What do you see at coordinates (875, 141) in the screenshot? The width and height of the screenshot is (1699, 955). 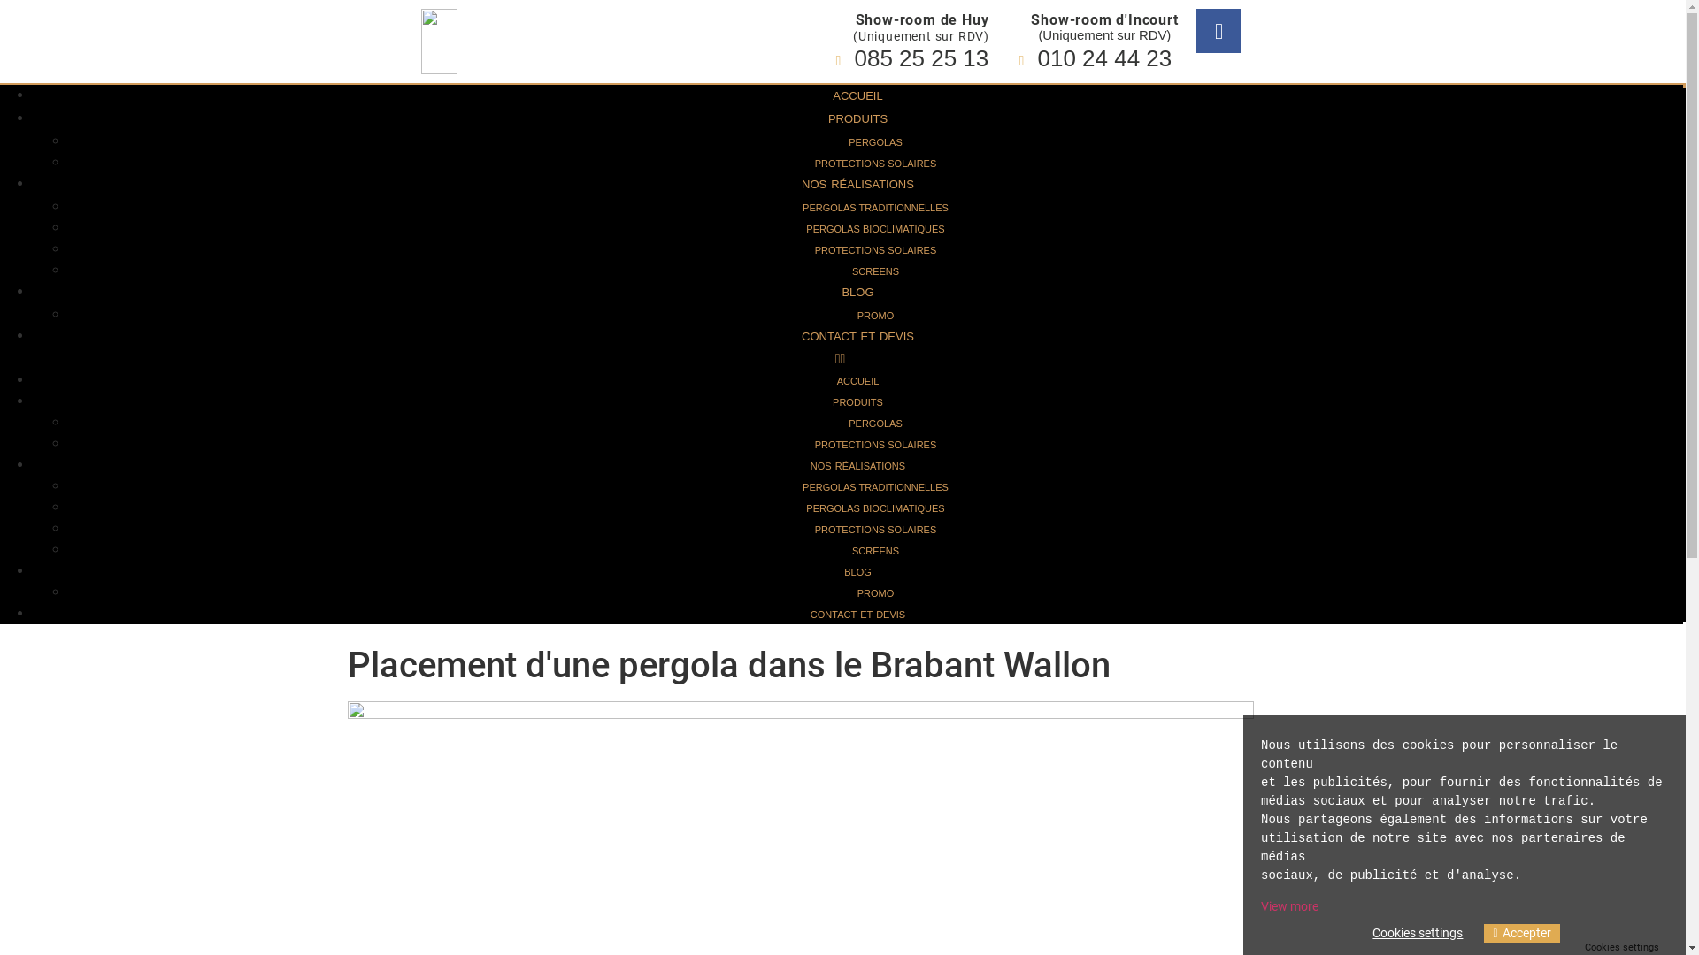 I see `'PERGOLAS'` at bounding box center [875, 141].